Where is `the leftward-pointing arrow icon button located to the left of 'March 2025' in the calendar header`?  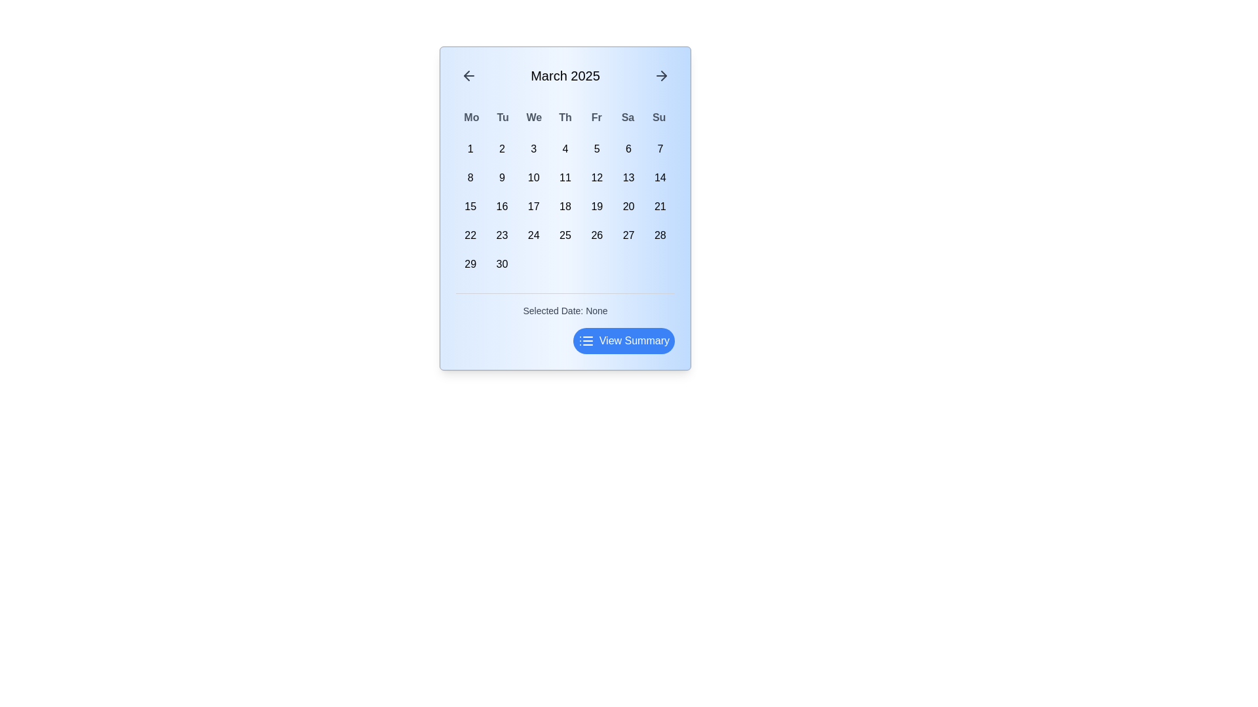
the leftward-pointing arrow icon button located to the left of 'March 2025' in the calendar header is located at coordinates (468, 75).